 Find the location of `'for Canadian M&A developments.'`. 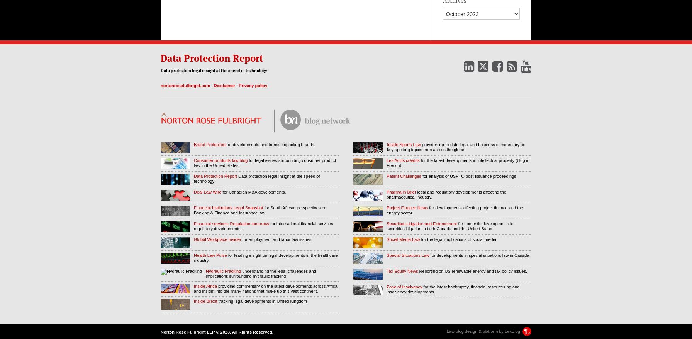

'for Canadian M&A developments.' is located at coordinates (253, 191).